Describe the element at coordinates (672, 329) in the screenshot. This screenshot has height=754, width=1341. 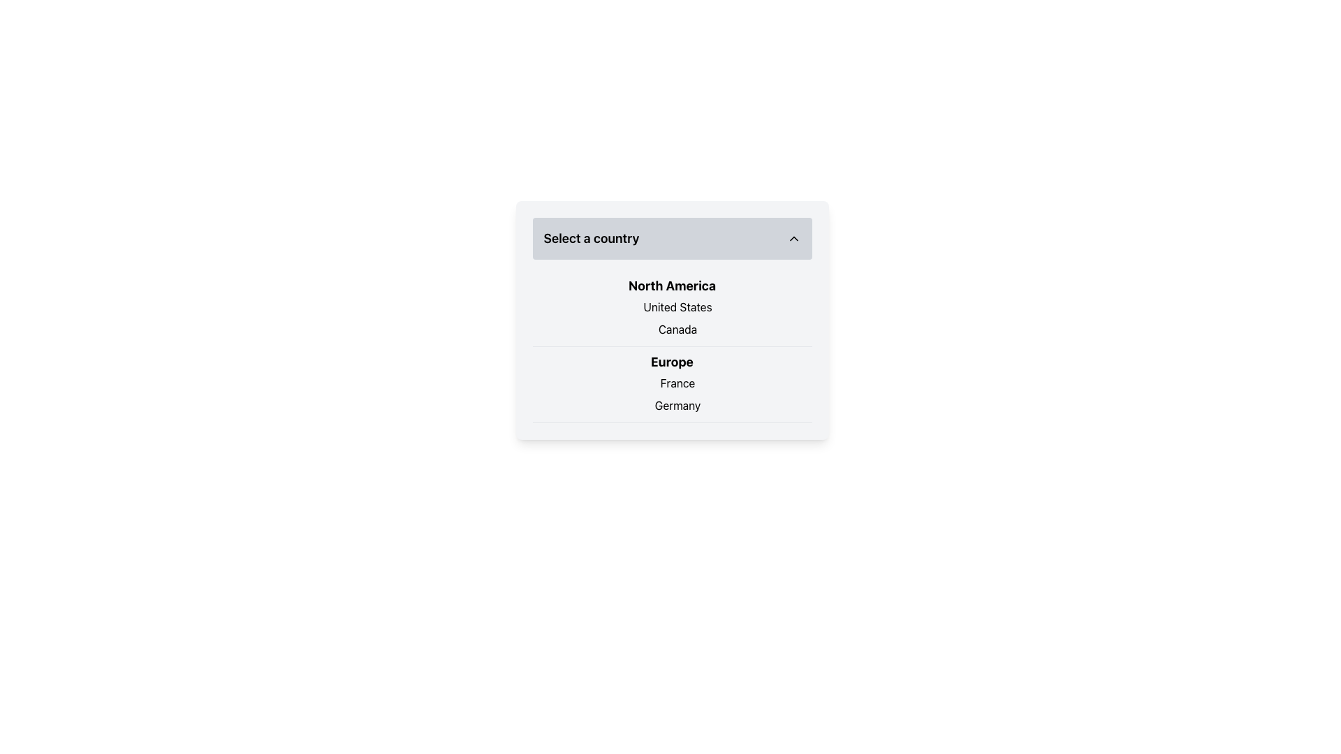
I see `the text label displaying 'Canada' in black color, located within the dropdown list under 'North America'` at that location.